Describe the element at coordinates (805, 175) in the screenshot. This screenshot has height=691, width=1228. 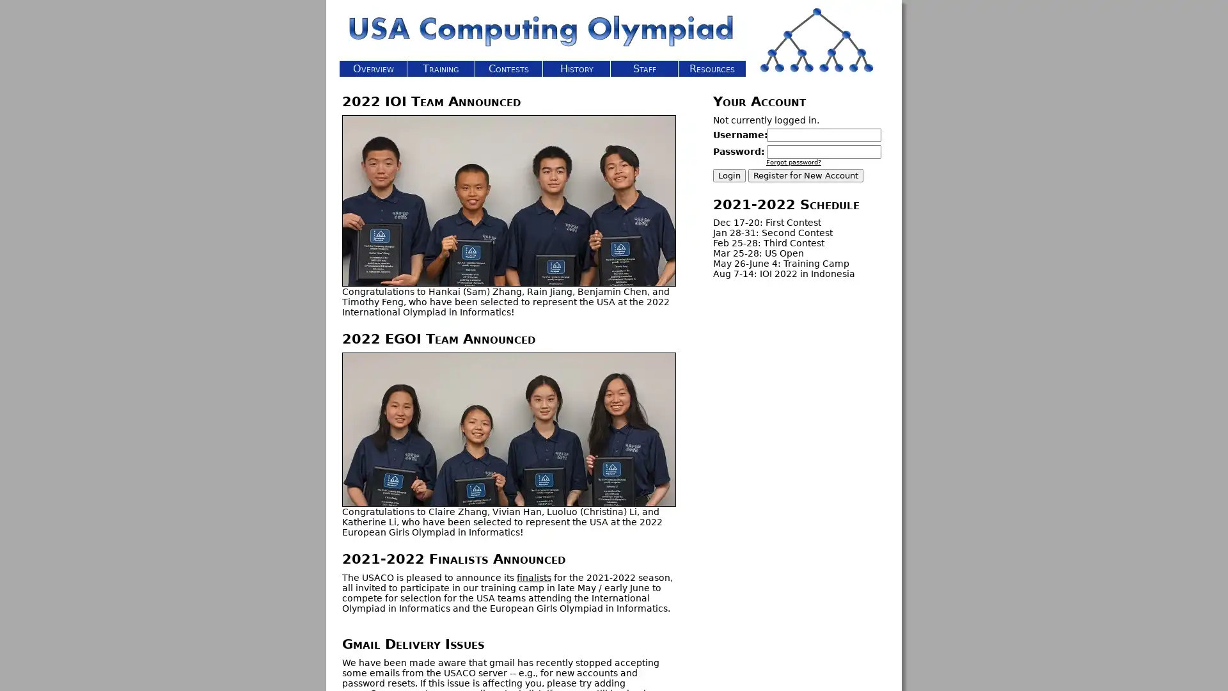
I see `Register for New Account` at that location.